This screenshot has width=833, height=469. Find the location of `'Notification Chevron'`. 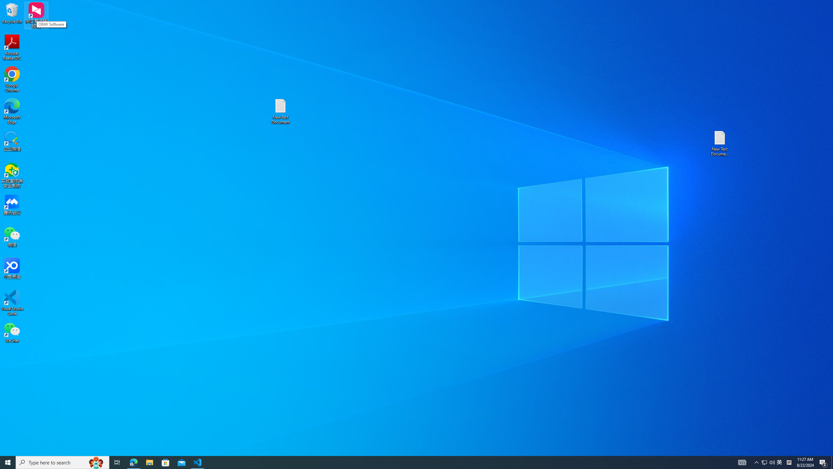

'Notification Chevron' is located at coordinates (756, 462).